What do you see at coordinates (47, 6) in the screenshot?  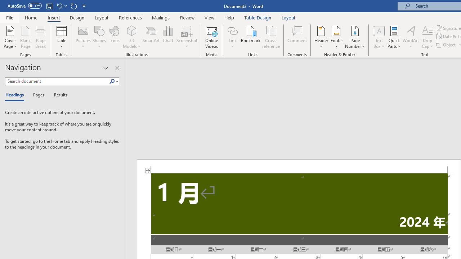 I see `'Quick Access Toolbar'` at bounding box center [47, 6].